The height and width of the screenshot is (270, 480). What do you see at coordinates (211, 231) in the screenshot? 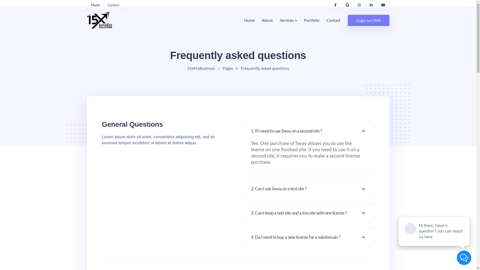
I see `'Internship'` at bounding box center [211, 231].